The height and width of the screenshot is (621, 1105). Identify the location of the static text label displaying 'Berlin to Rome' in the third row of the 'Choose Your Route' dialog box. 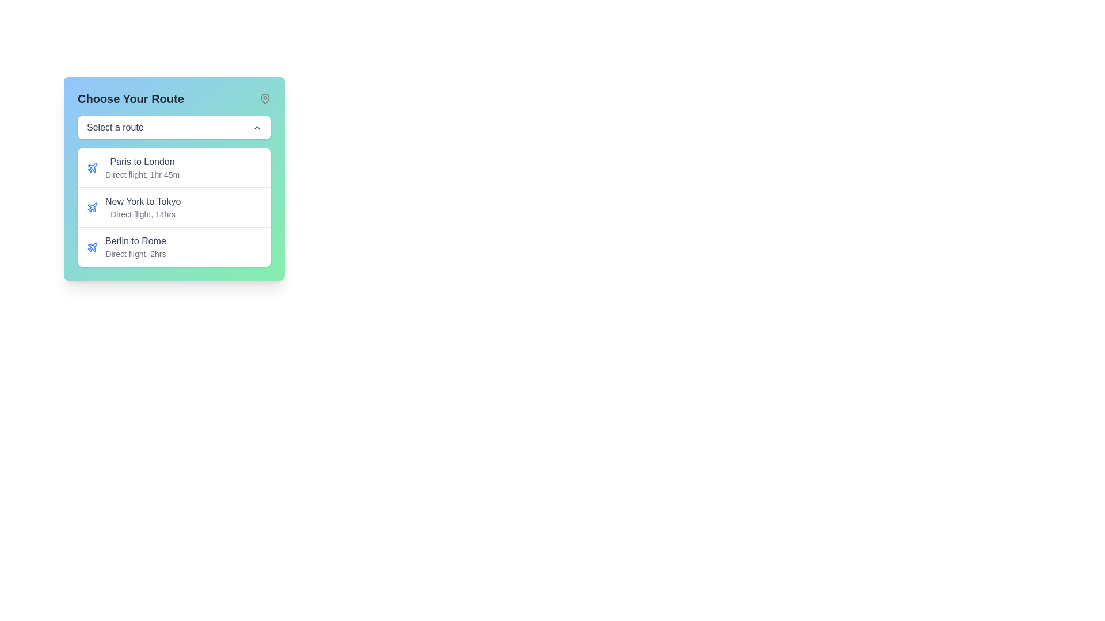
(135, 241).